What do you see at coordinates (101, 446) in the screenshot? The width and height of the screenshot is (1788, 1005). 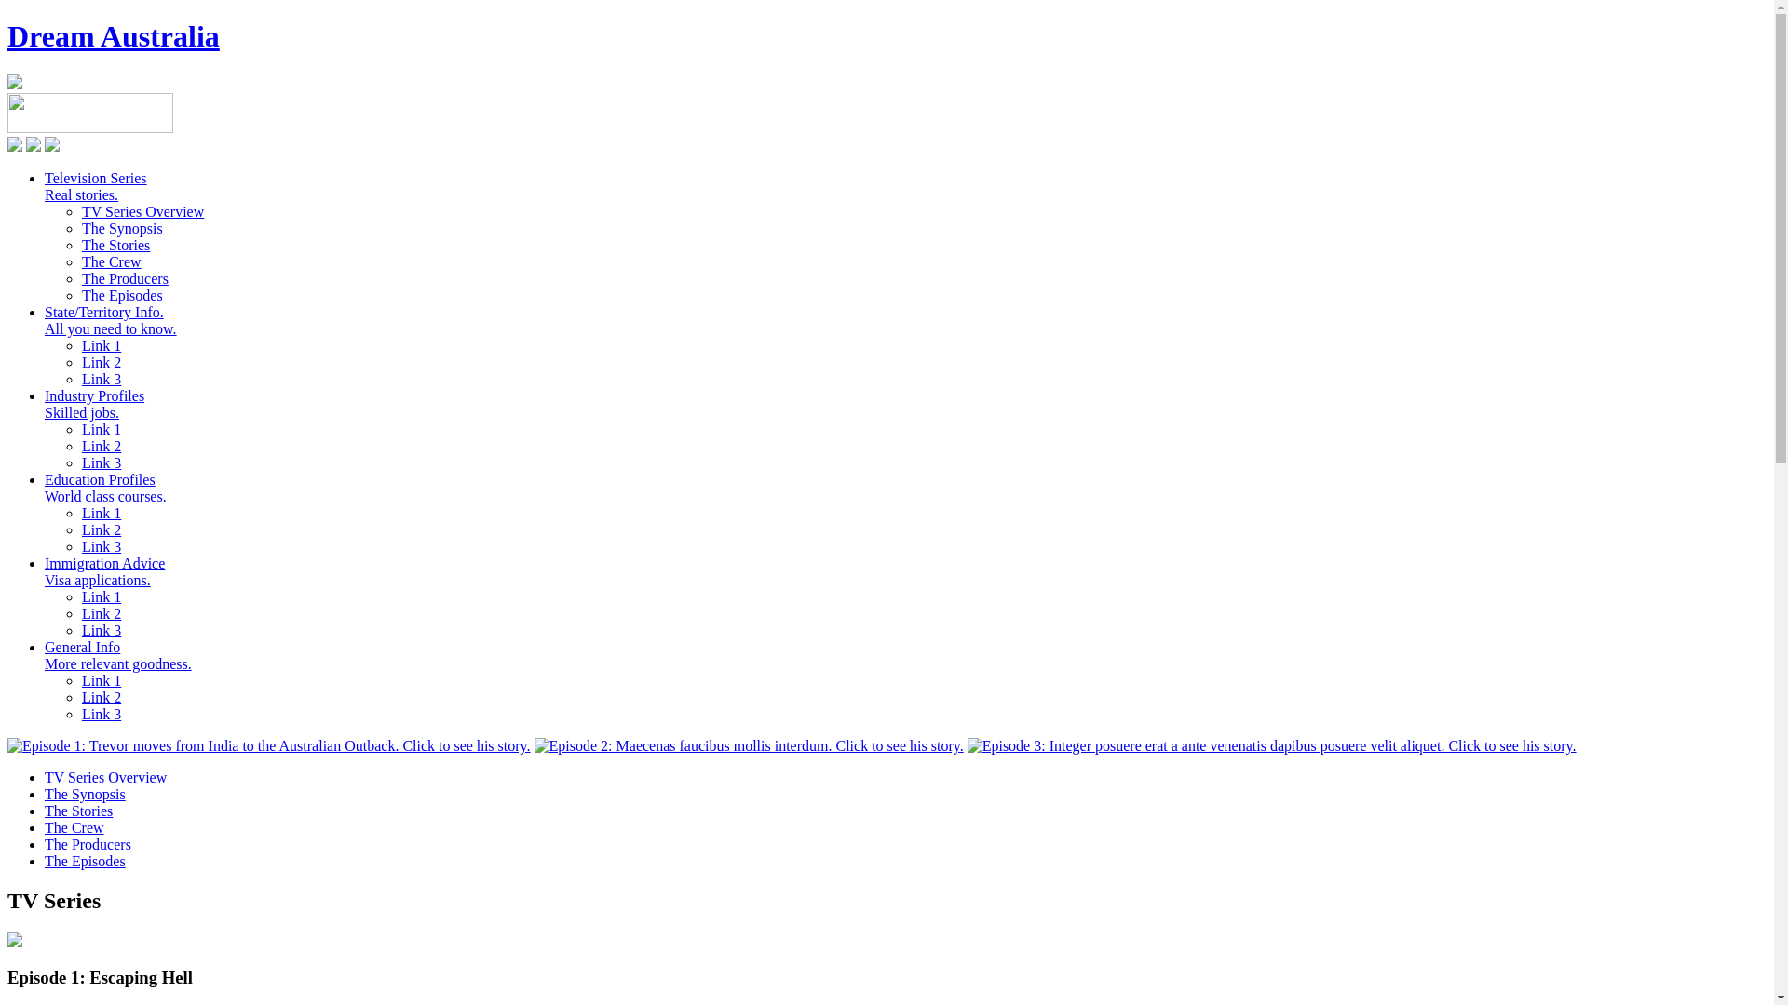 I see `'Link 2'` at bounding box center [101, 446].